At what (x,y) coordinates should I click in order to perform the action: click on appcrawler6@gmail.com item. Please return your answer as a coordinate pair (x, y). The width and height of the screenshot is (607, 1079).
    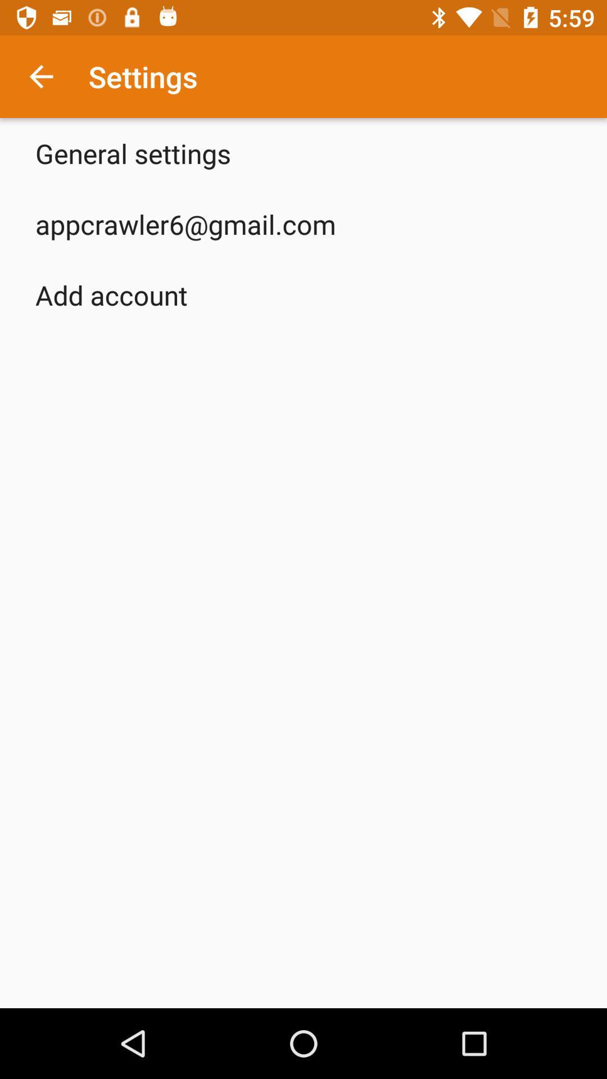
    Looking at the image, I should click on (185, 224).